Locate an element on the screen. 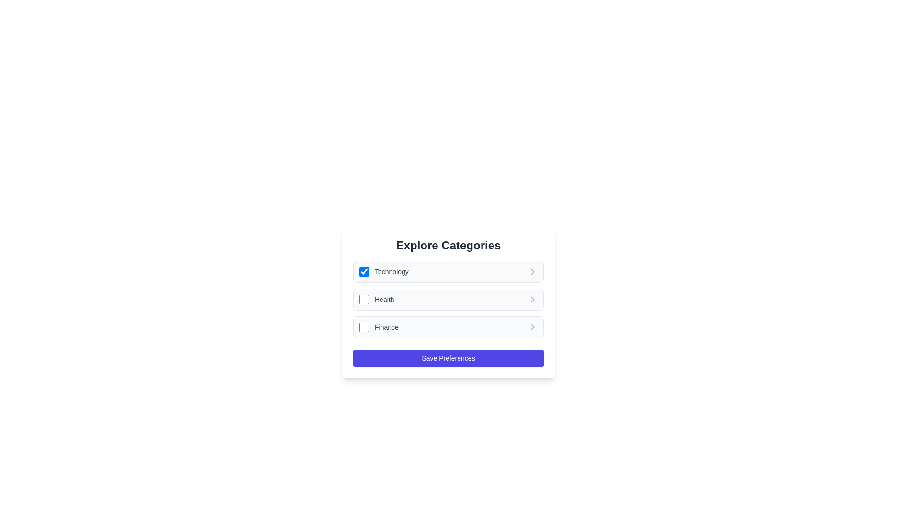 The width and height of the screenshot is (919, 516). the list item Finance to observe its hover effect is located at coordinates (448, 327).